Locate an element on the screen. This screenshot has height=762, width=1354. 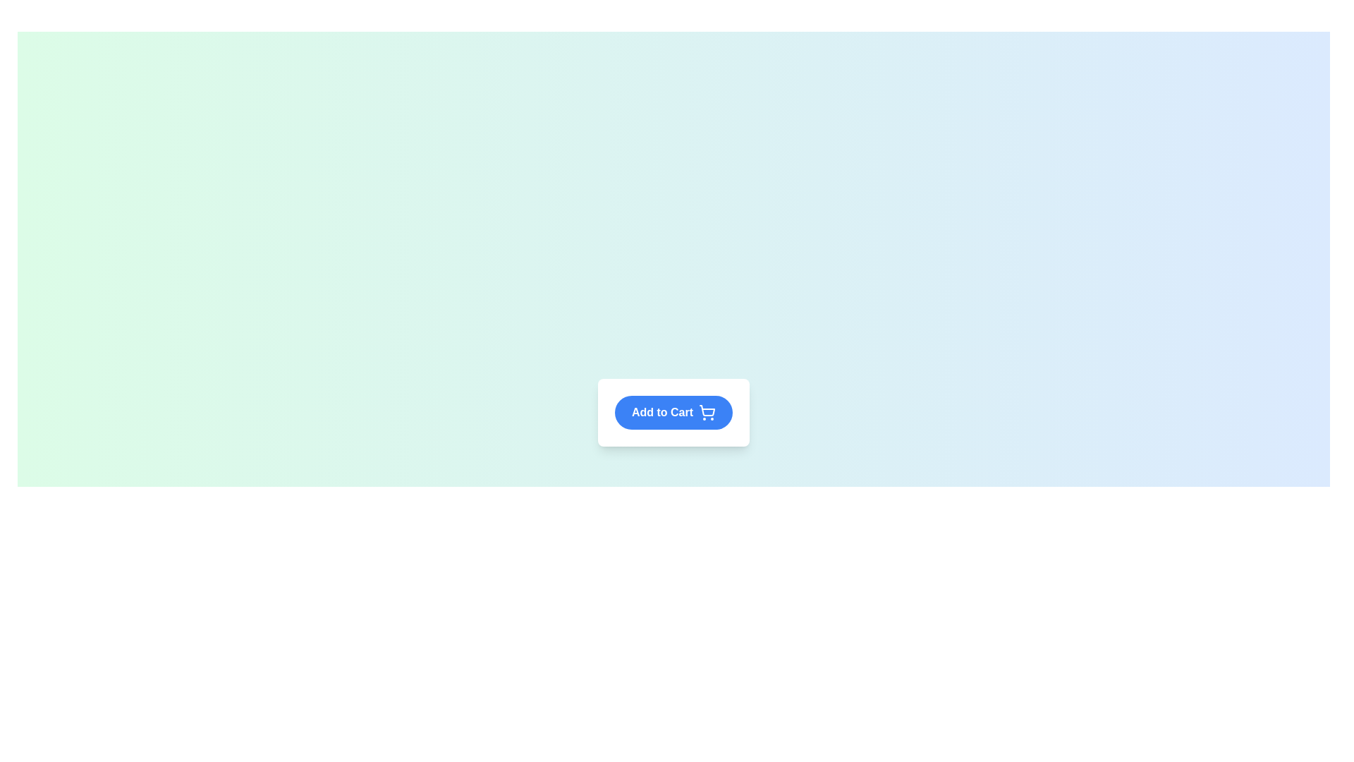
the shopping cart icon located inside the 'Add to Cart' button, which is positioned to the right of the text label is located at coordinates (707, 413).